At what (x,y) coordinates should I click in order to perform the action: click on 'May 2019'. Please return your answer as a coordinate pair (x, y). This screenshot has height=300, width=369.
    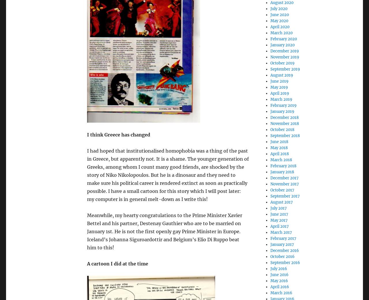
    Looking at the image, I should click on (279, 87).